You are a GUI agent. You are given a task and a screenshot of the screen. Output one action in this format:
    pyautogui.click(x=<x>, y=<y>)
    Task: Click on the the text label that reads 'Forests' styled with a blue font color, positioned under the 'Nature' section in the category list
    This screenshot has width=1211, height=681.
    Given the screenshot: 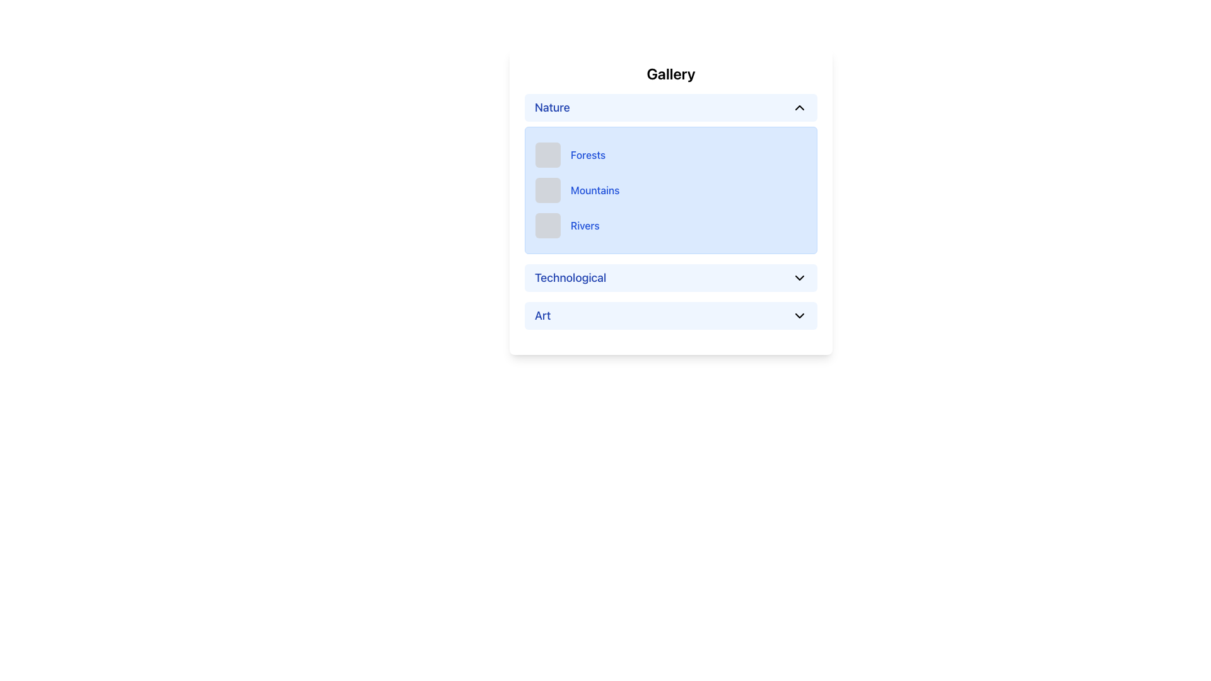 What is the action you would take?
    pyautogui.click(x=587, y=154)
    